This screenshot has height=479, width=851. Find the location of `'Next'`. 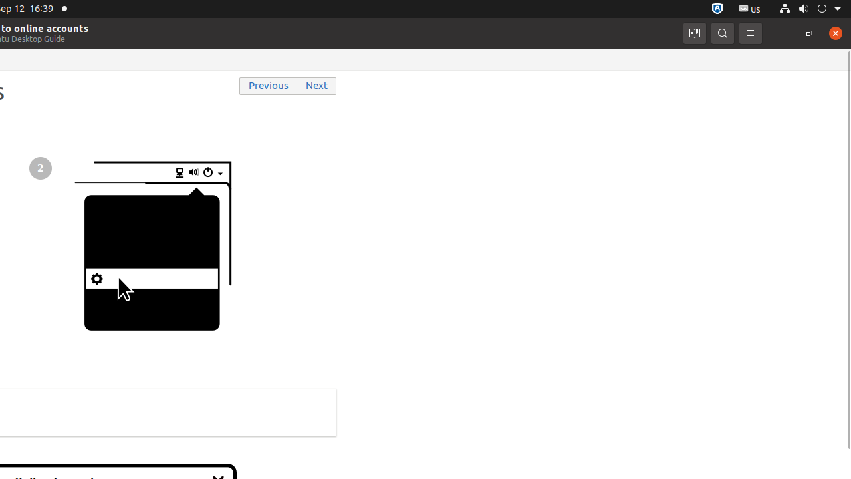

'Next' is located at coordinates (316, 86).